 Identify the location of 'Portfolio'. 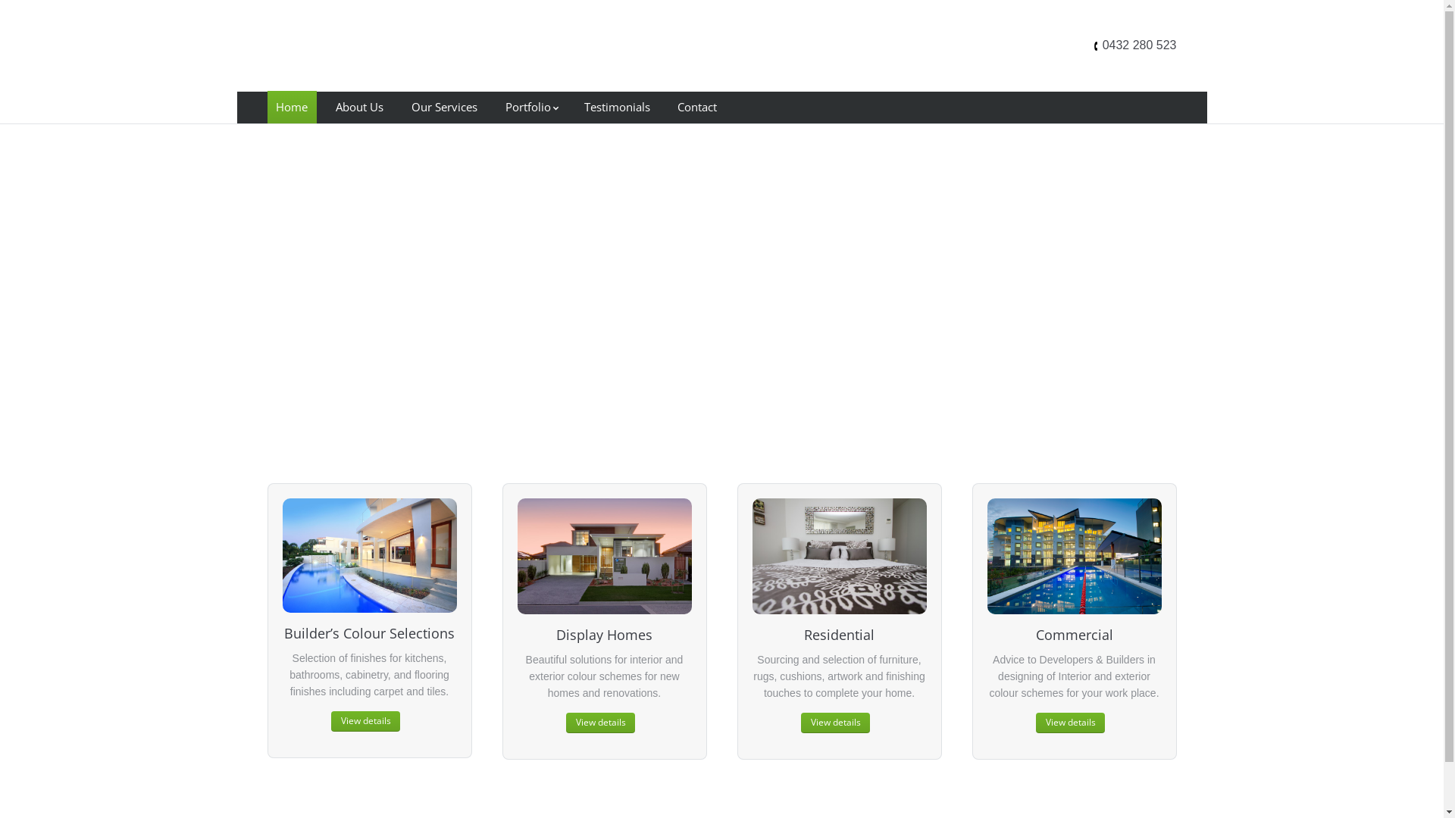
(530, 106).